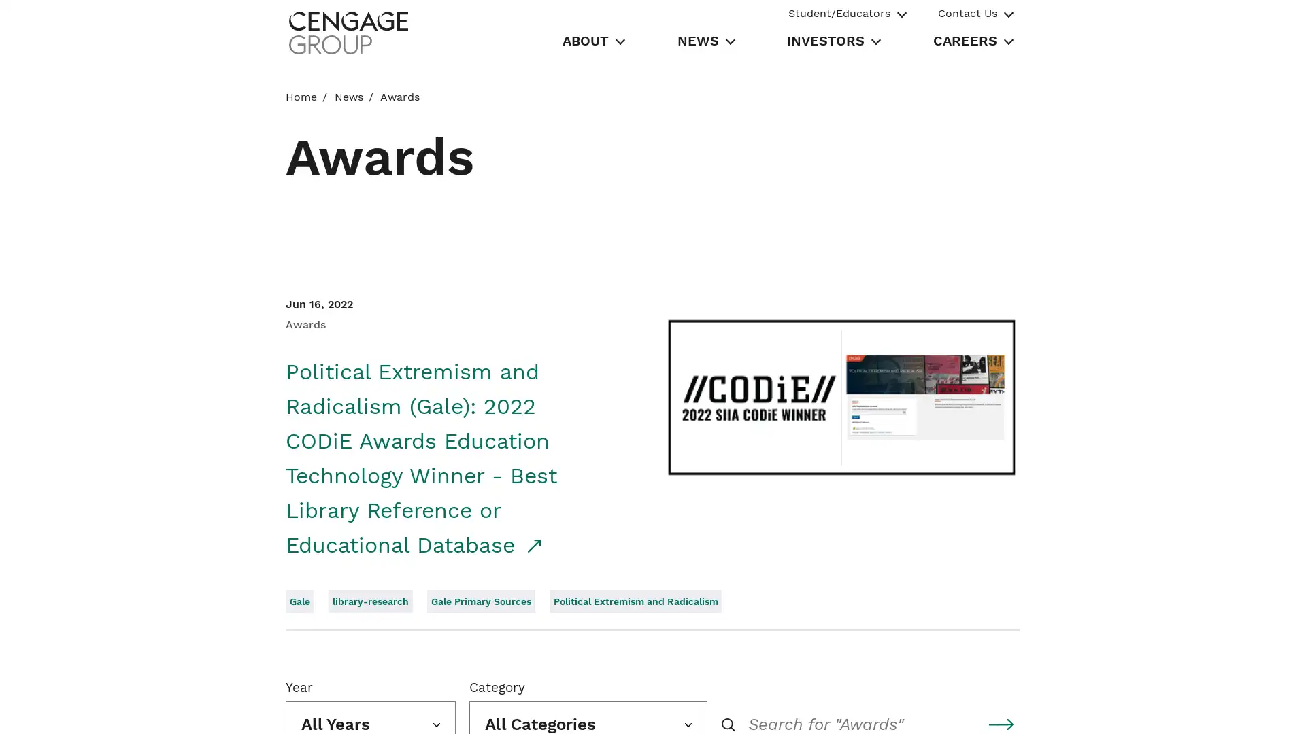 The image size is (1306, 734). Describe the element at coordinates (1048, 707) in the screenshot. I see `Accept` at that location.